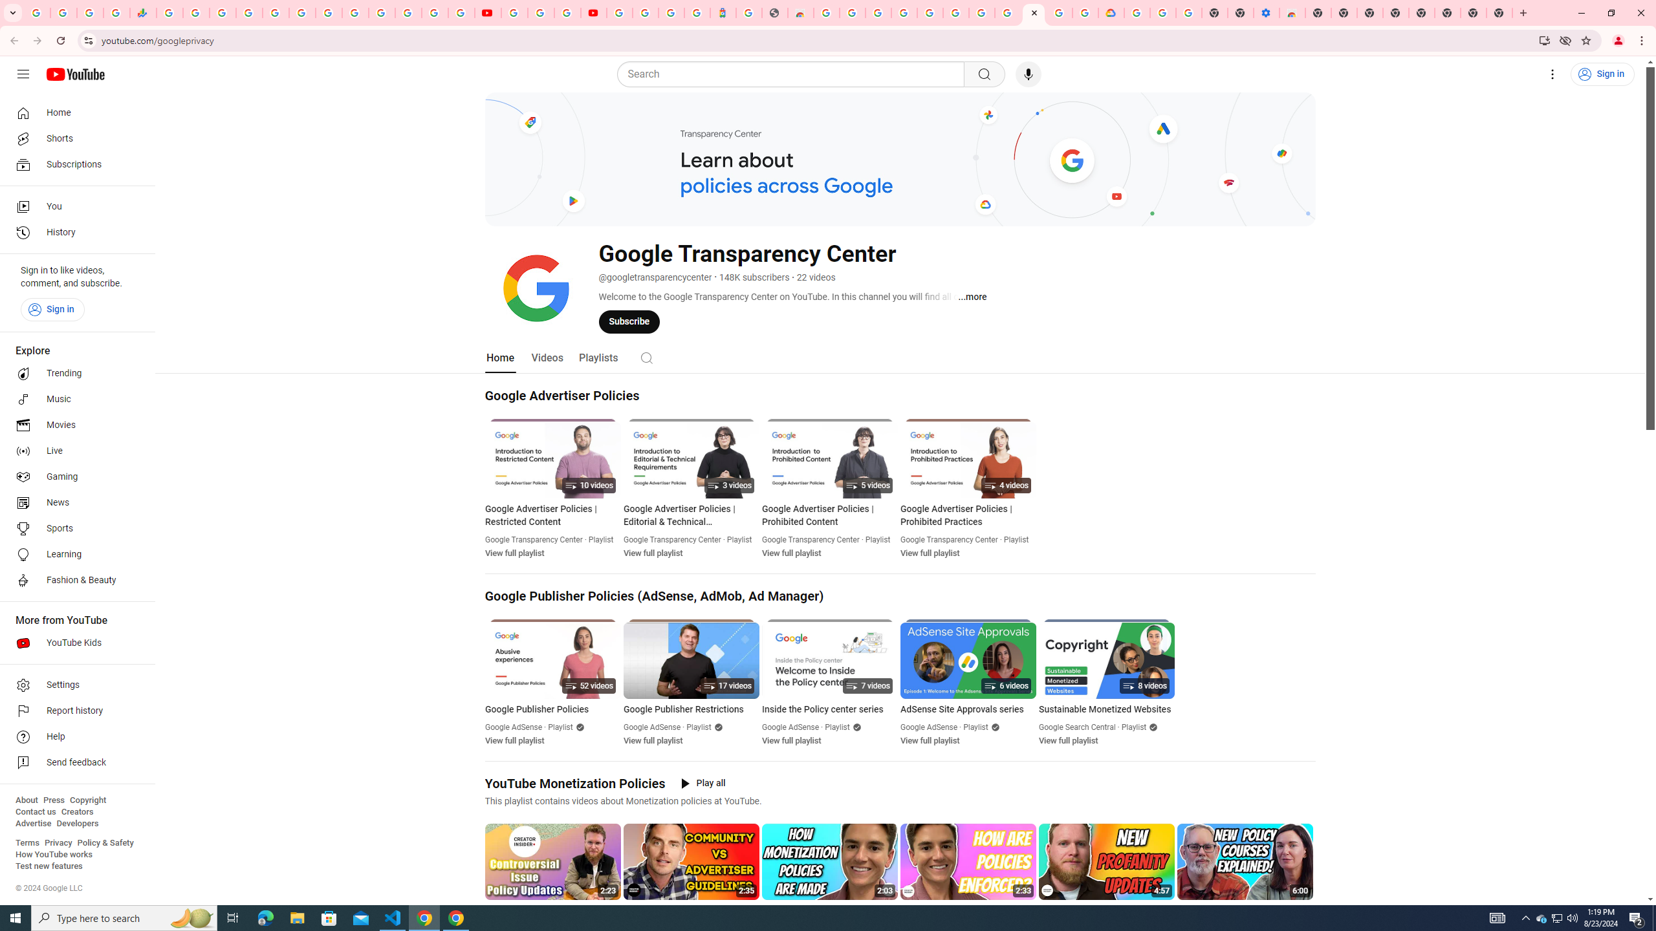 The width and height of the screenshot is (1656, 931). What do you see at coordinates (553, 710) in the screenshot?
I see `'Google Publisher Policies'` at bounding box center [553, 710].